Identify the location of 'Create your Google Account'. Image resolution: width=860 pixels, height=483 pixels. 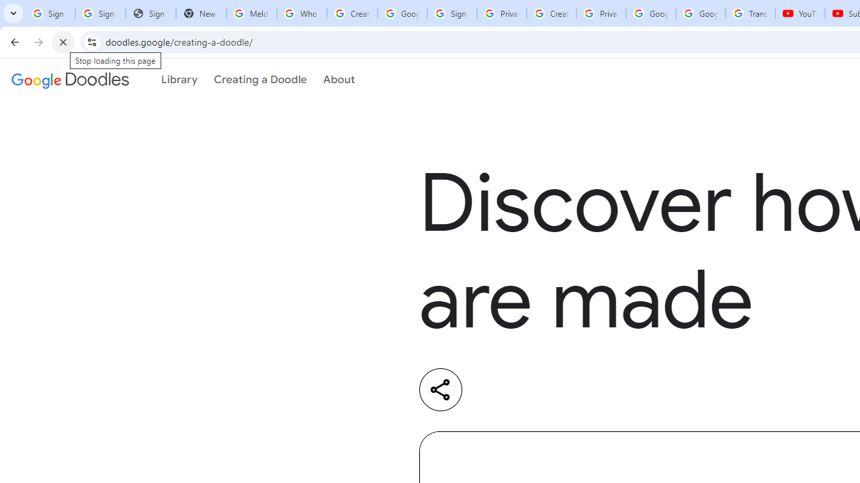
(551, 13).